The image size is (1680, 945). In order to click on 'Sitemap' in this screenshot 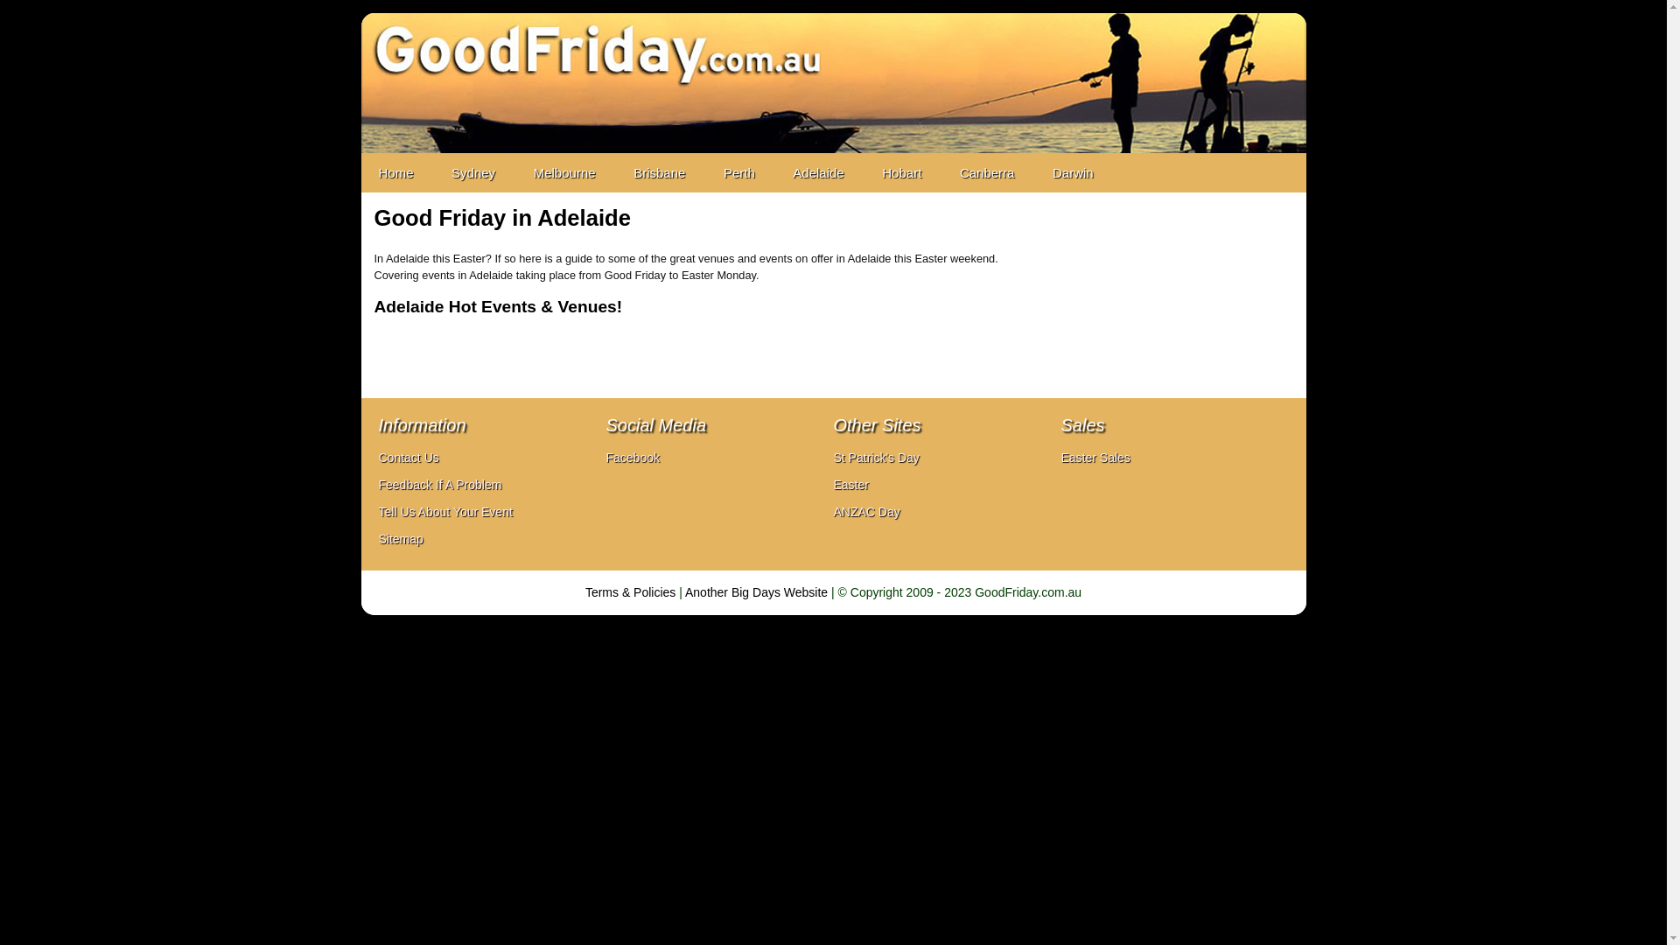, I will do `click(399, 538)`.